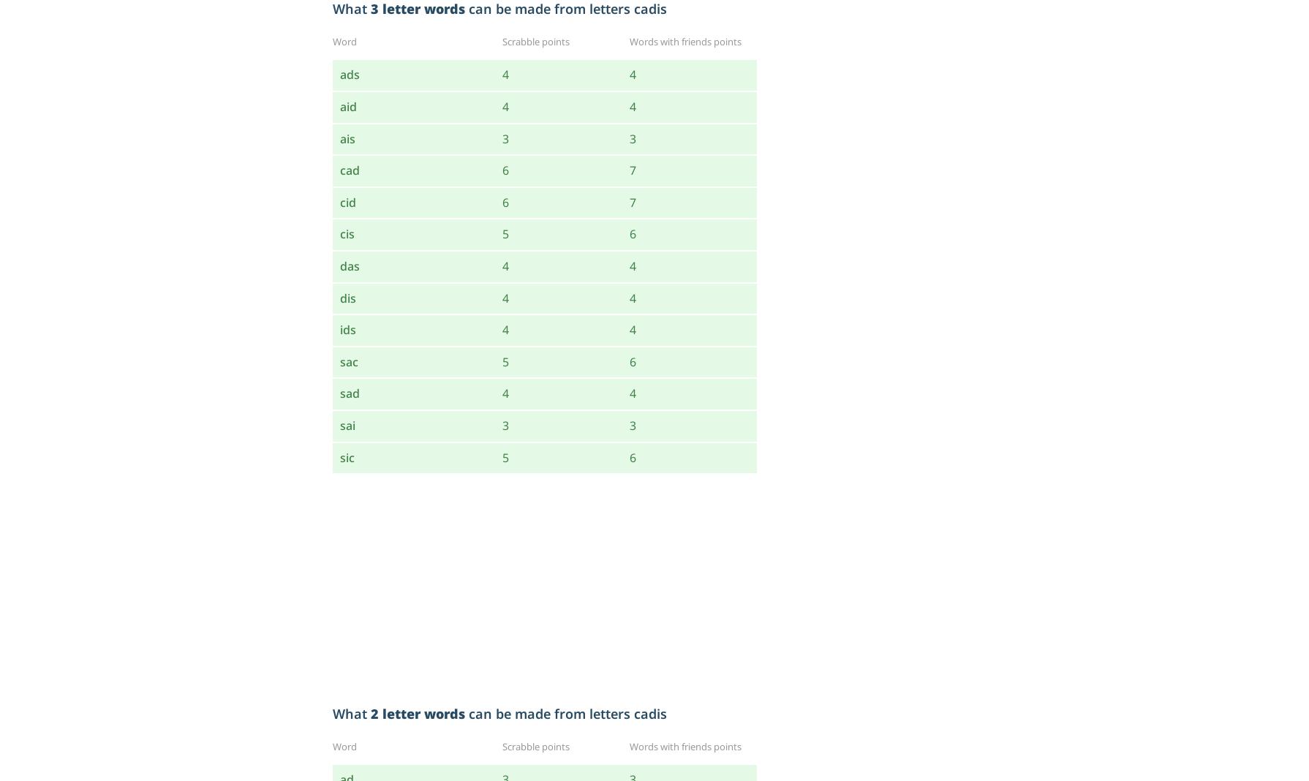 The height and width of the screenshot is (781, 1309). What do you see at coordinates (347, 106) in the screenshot?
I see `'aid'` at bounding box center [347, 106].